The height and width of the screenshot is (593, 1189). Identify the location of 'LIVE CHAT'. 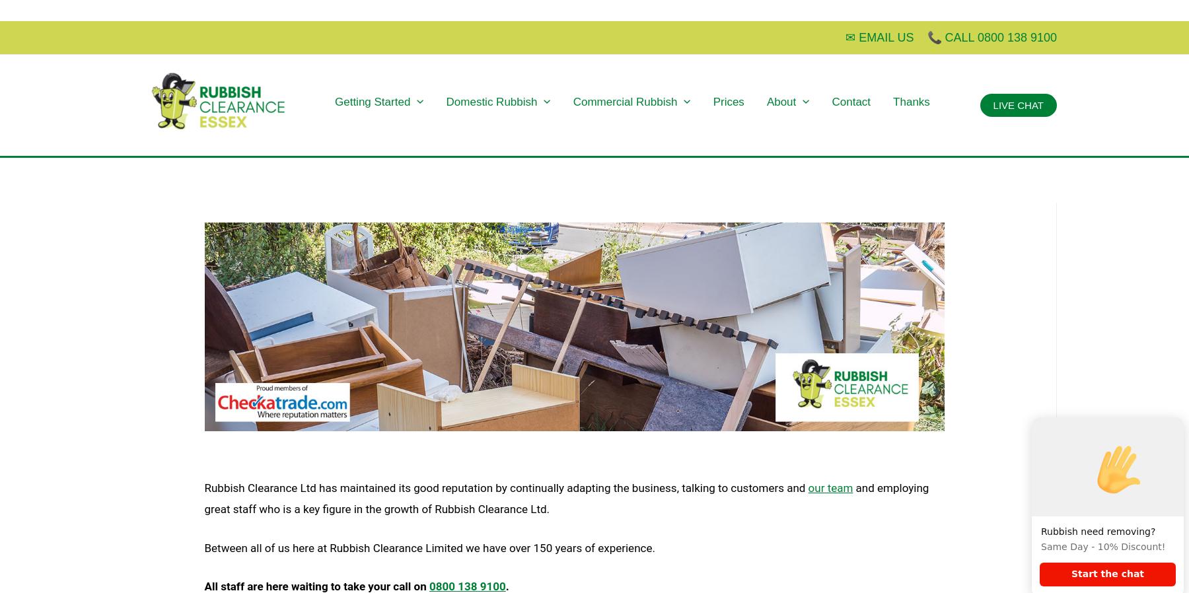
(993, 104).